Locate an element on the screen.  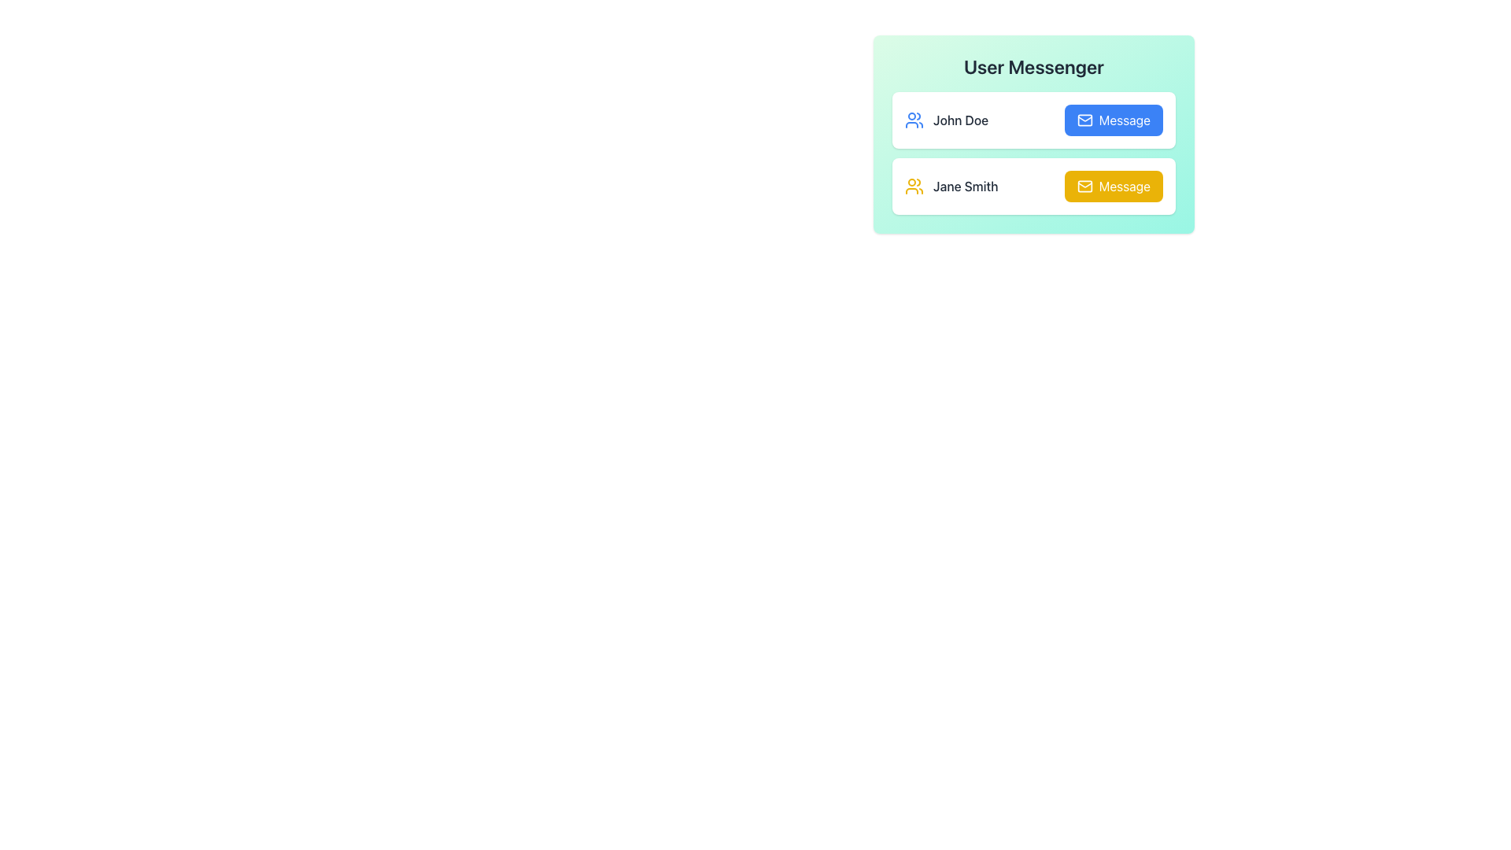
the leftmost icon associated with Jane Smith, which serves as a visual indicator next to her name is located at coordinates (914, 185).